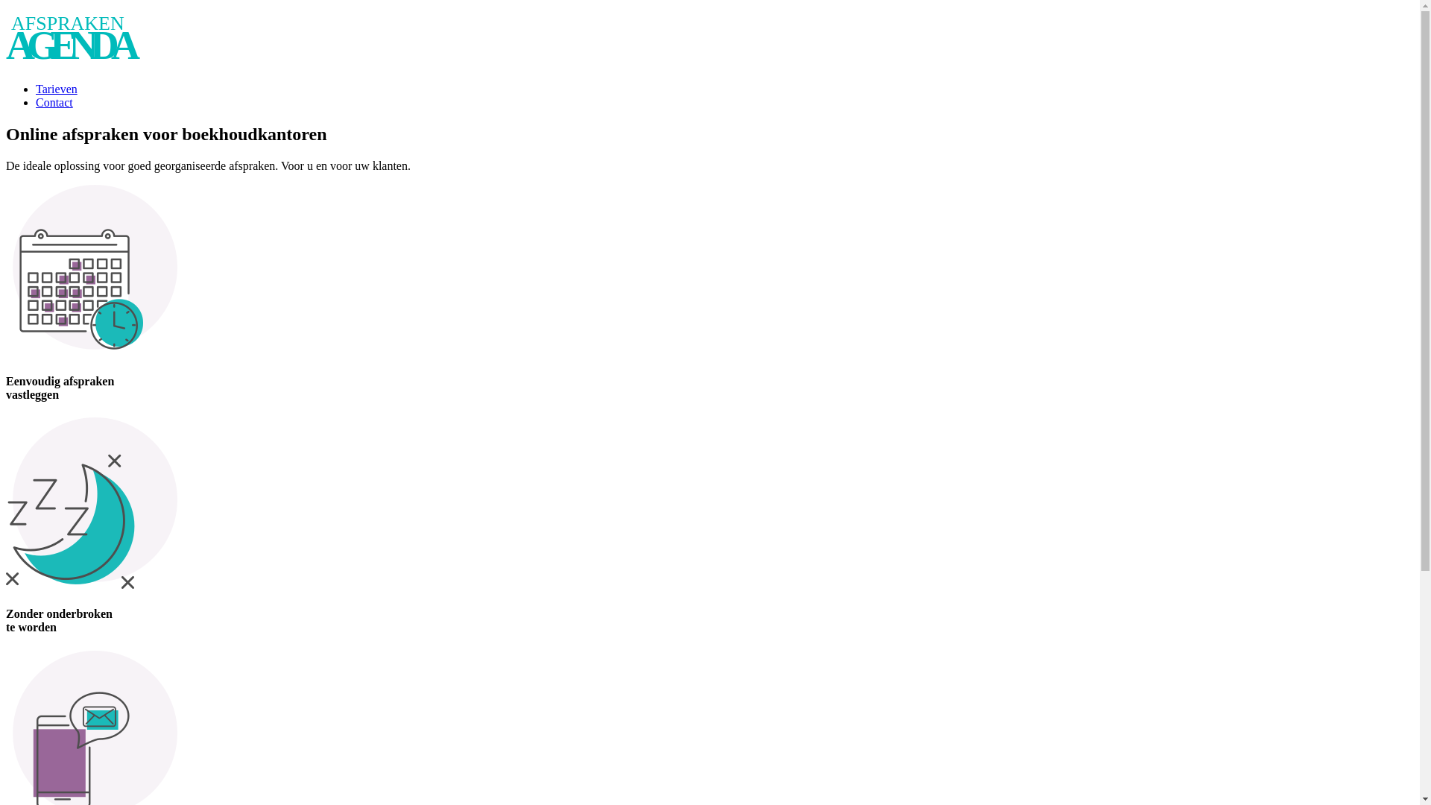 The image size is (1431, 805). What do you see at coordinates (54, 101) in the screenshot?
I see `'Contact'` at bounding box center [54, 101].